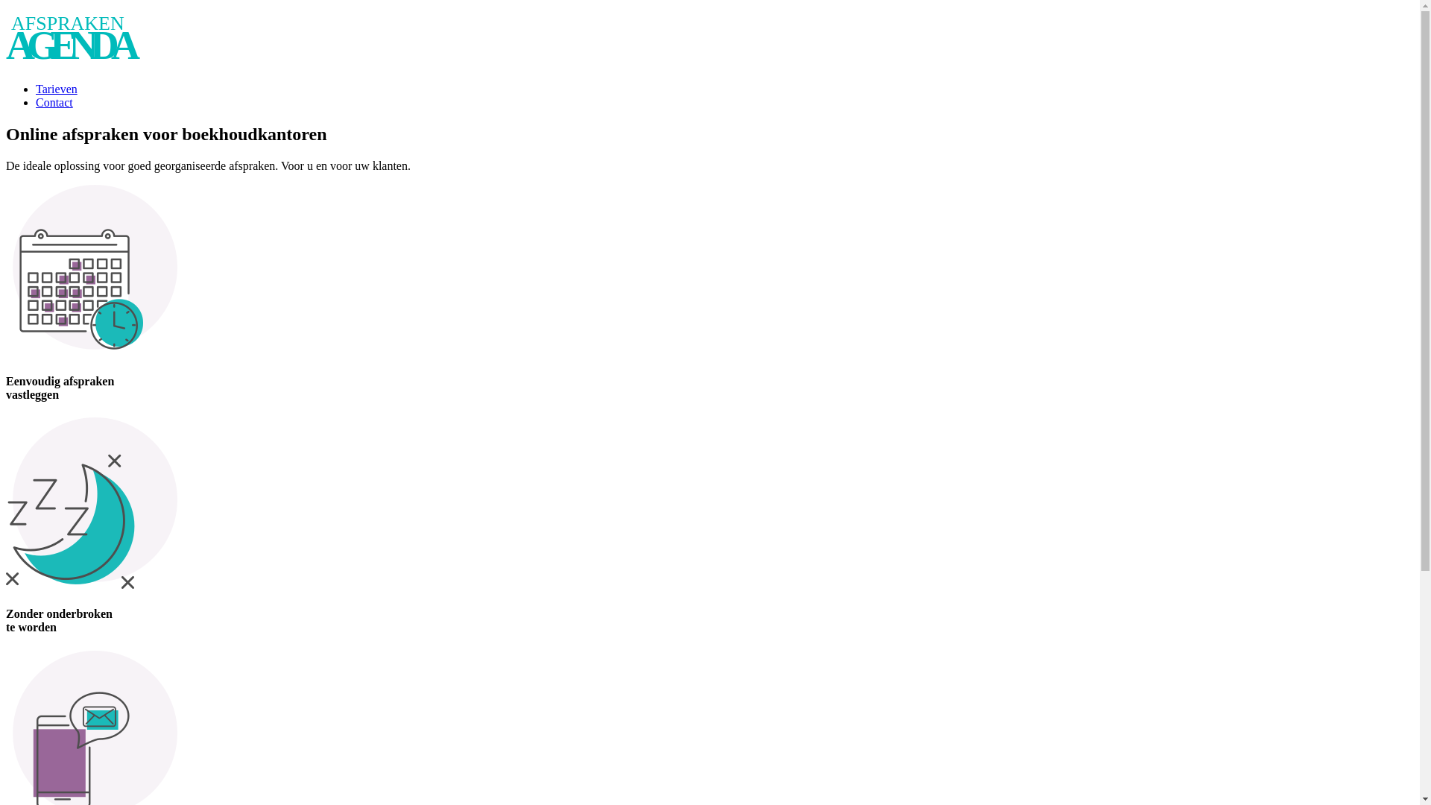 The image size is (1431, 805). What do you see at coordinates (54, 101) in the screenshot?
I see `'Contact'` at bounding box center [54, 101].